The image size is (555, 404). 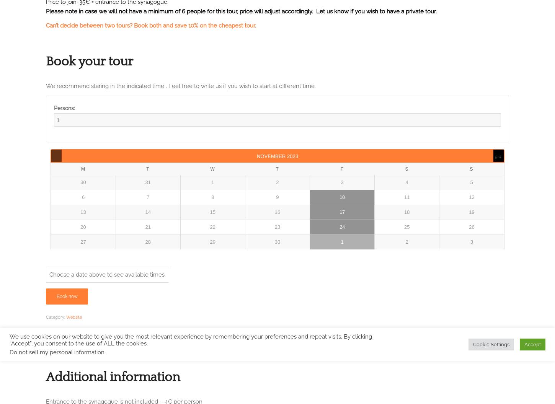 I want to click on '28', so click(x=147, y=241).